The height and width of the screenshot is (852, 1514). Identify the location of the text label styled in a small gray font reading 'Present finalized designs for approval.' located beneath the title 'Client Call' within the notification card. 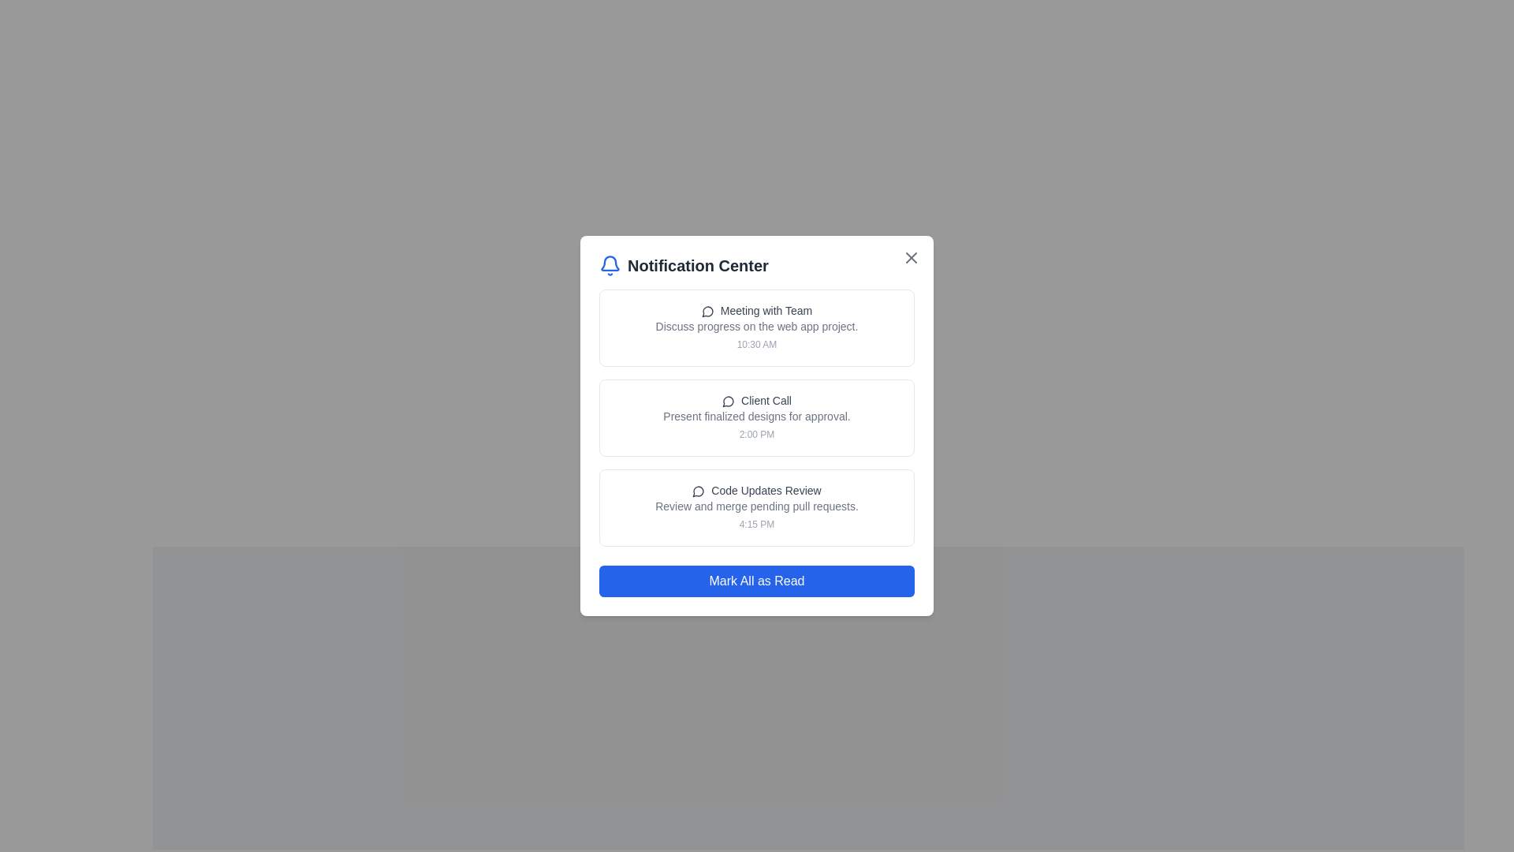
(757, 416).